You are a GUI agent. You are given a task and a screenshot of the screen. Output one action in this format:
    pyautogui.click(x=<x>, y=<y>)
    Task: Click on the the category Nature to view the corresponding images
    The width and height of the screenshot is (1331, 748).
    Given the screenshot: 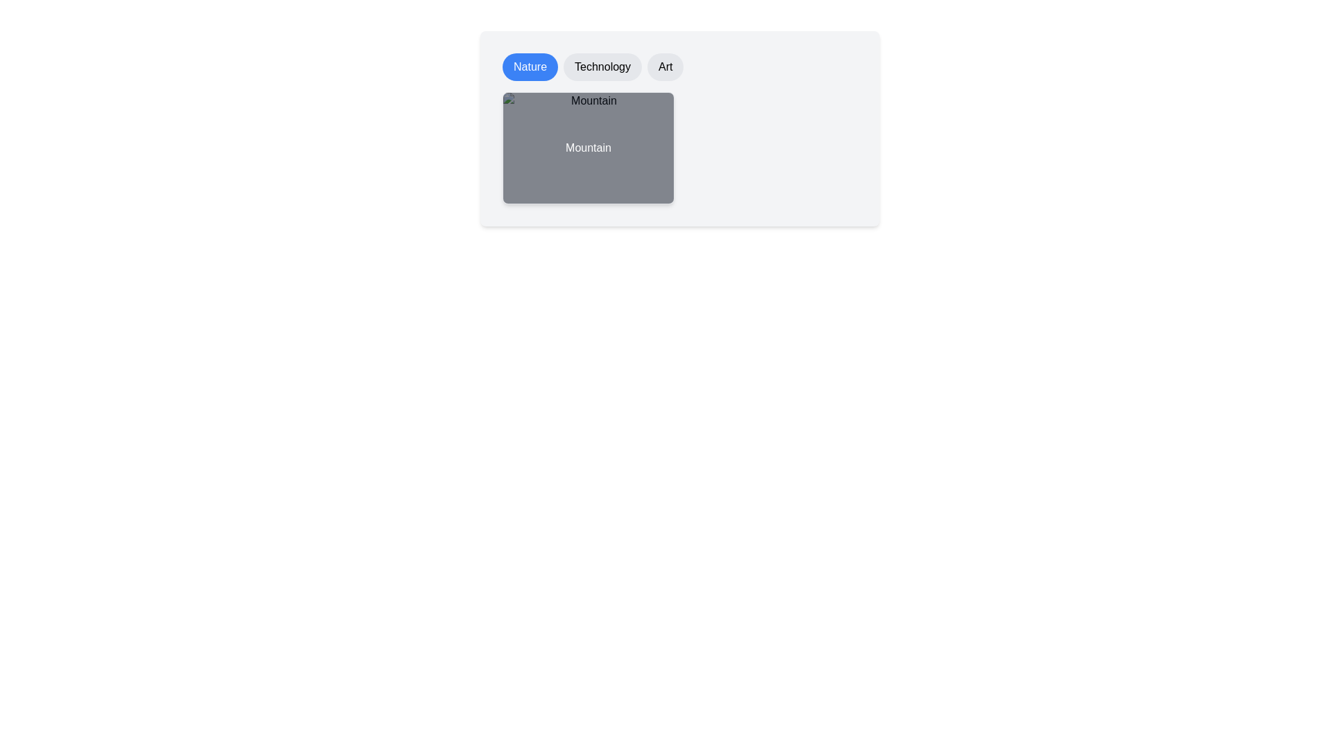 What is the action you would take?
    pyautogui.click(x=529, y=66)
    